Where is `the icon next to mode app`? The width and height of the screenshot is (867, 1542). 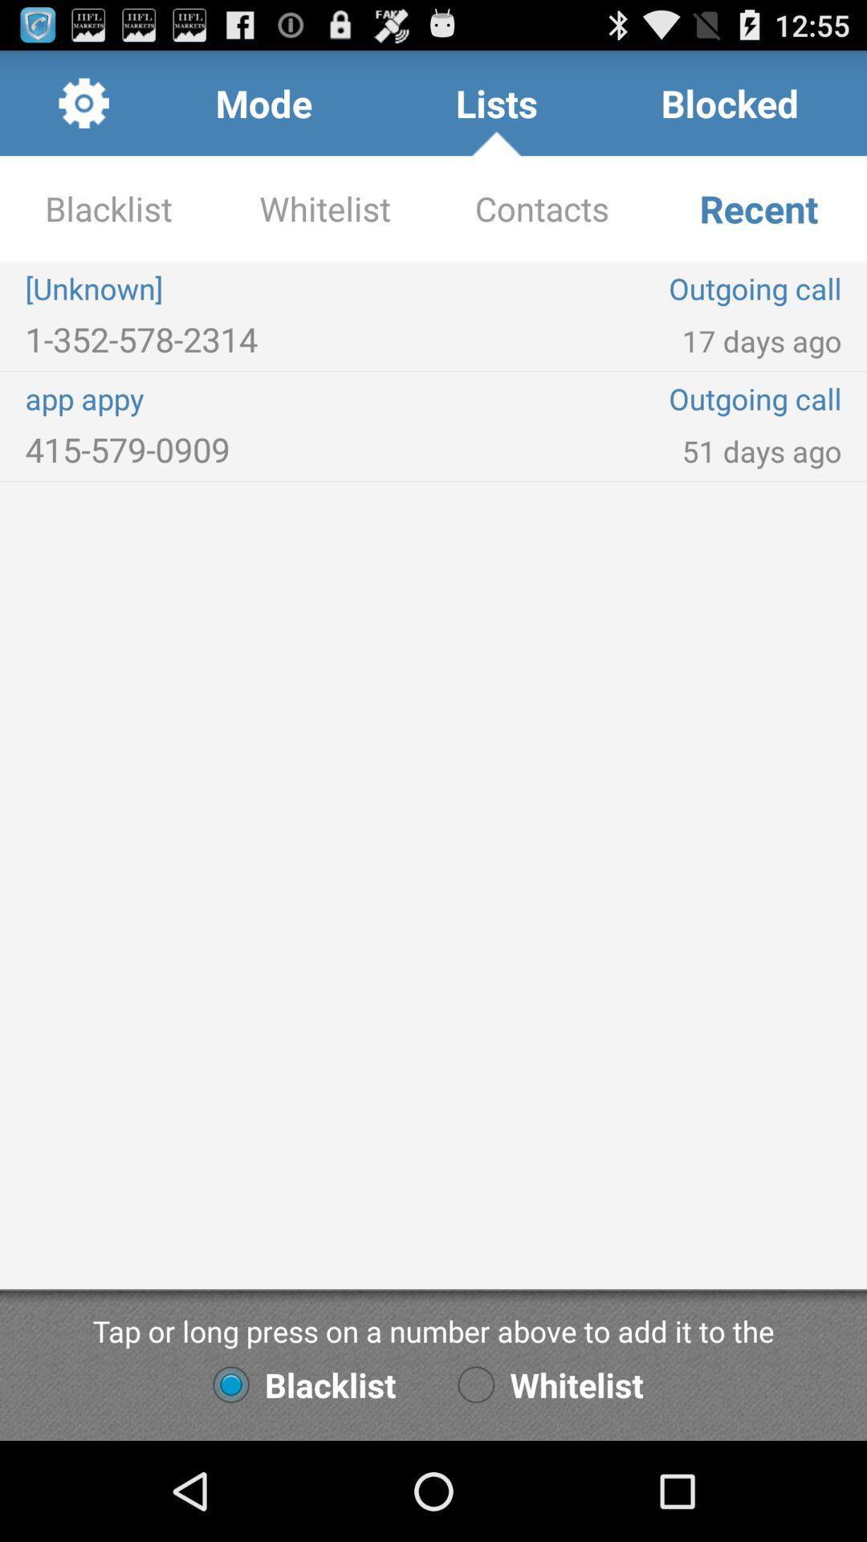
the icon next to mode app is located at coordinates (83, 102).